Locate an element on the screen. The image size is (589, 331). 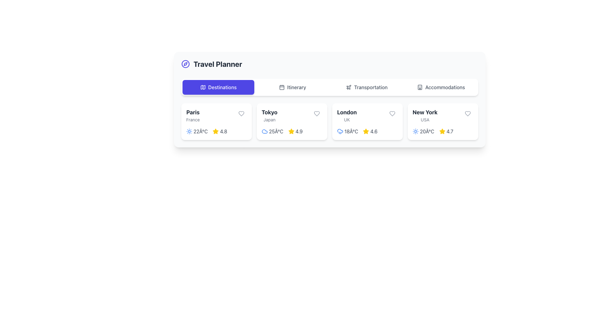
the text label that denotes the country associated with the 'New York' destination card located at the lower portion of the card in the 'Travel Planner' interface is located at coordinates (425, 120).